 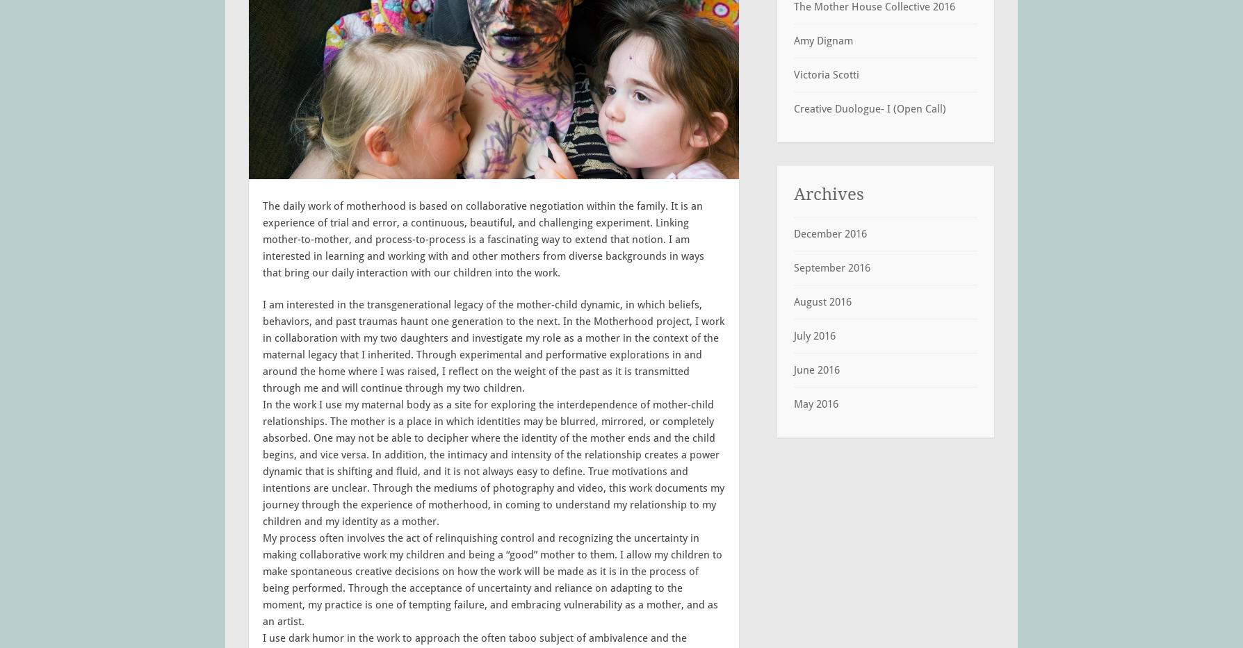 I want to click on 'July 2016', so click(x=793, y=335).